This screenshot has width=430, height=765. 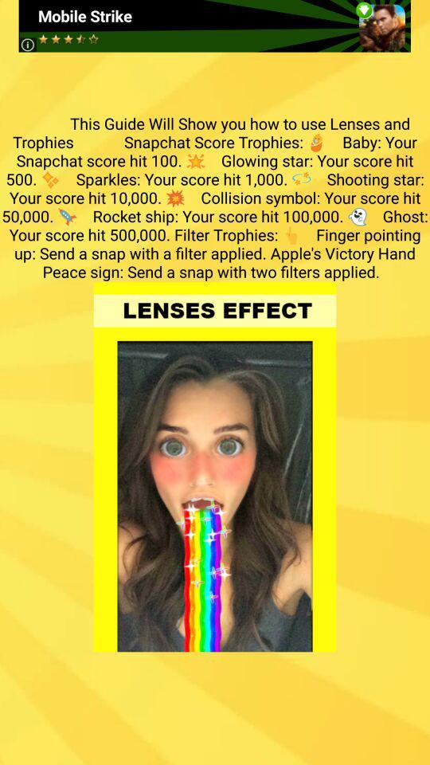 I want to click on the item above the this guide will item, so click(x=214, y=25).